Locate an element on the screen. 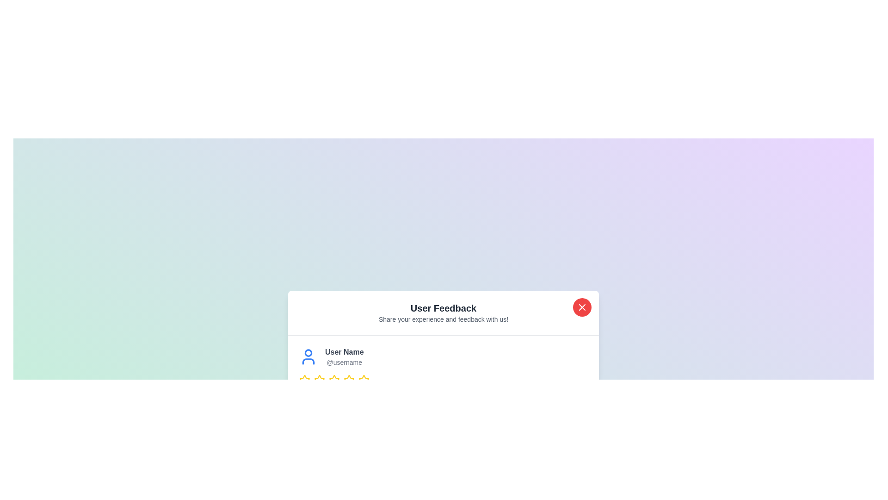 The height and width of the screenshot is (500, 888). the eighth star in the rating scale is located at coordinates (364, 380).